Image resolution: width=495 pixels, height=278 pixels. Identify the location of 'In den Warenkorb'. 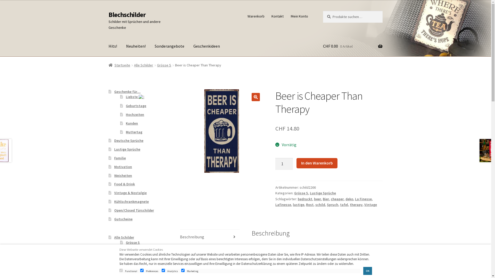
(317, 163).